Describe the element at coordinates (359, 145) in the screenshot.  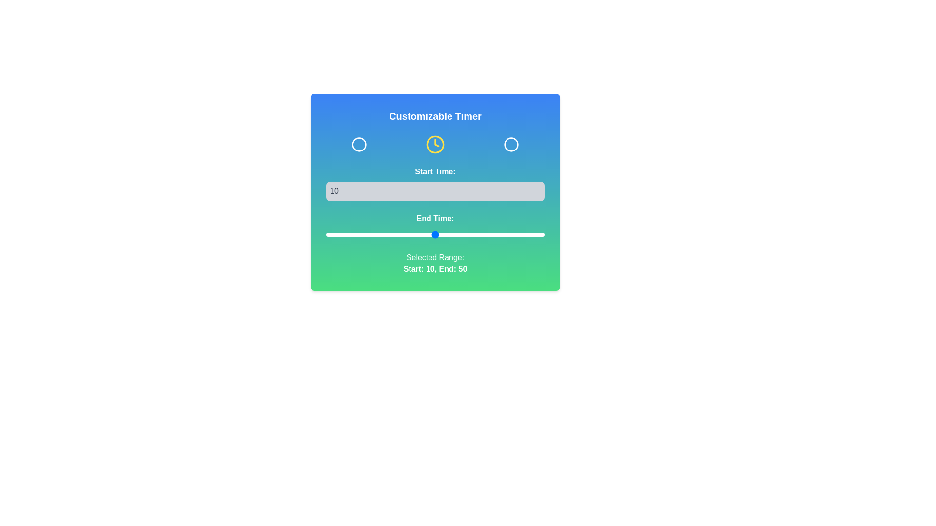
I see `the white circular outline icon located on the blue background, which is the leftmost symbol in a horizontal group of three at the top section of the interface` at that location.